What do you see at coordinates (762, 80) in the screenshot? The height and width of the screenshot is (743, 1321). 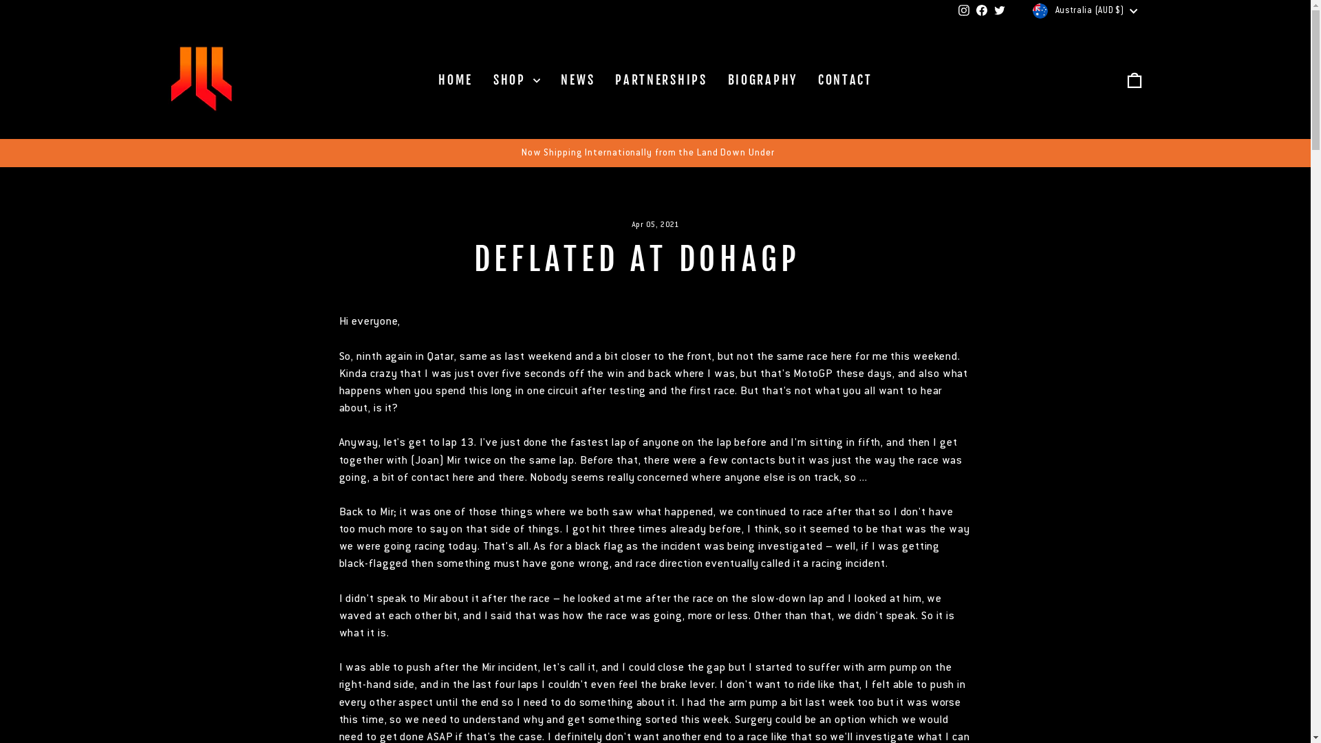 I see `'BIOGRAPHY'` at bounding box center [762, 80].